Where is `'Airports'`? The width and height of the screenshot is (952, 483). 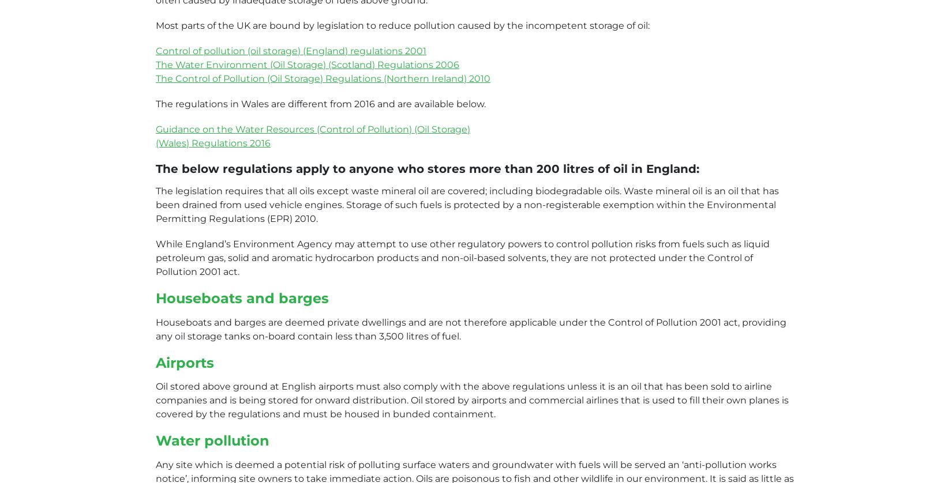
'Airports' is located at coordinates (185, 362).